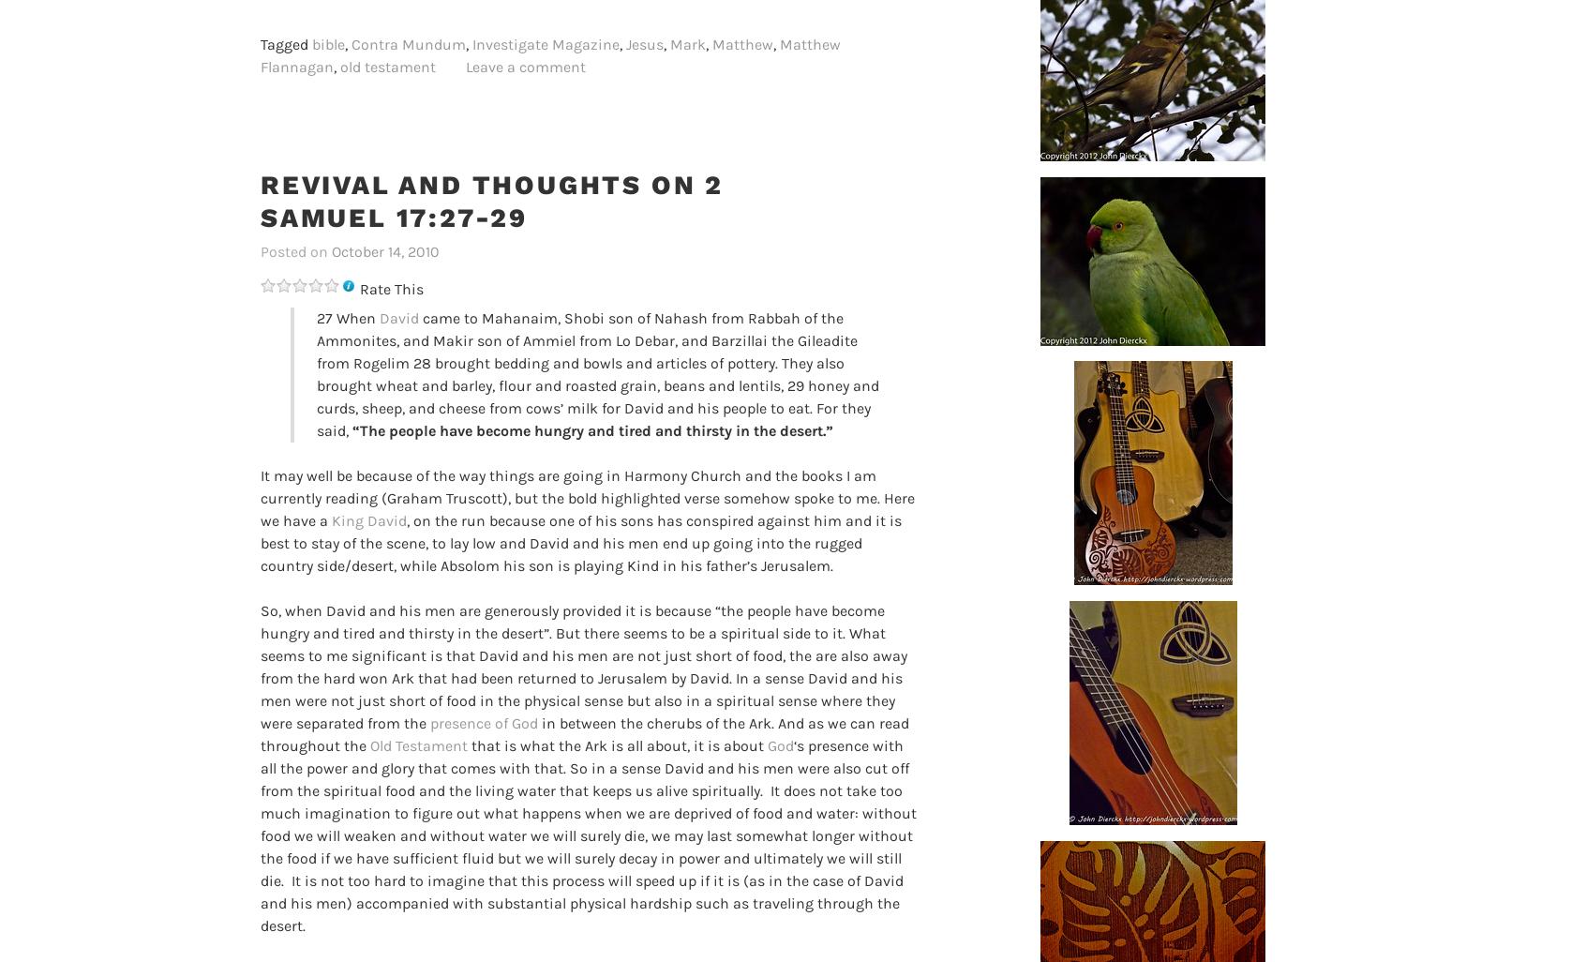 This screenshot has width=1571, height=962. Describe the element at coordinates (384, 249) in the screenshot. I see `'October 14, 2010'` at that location.